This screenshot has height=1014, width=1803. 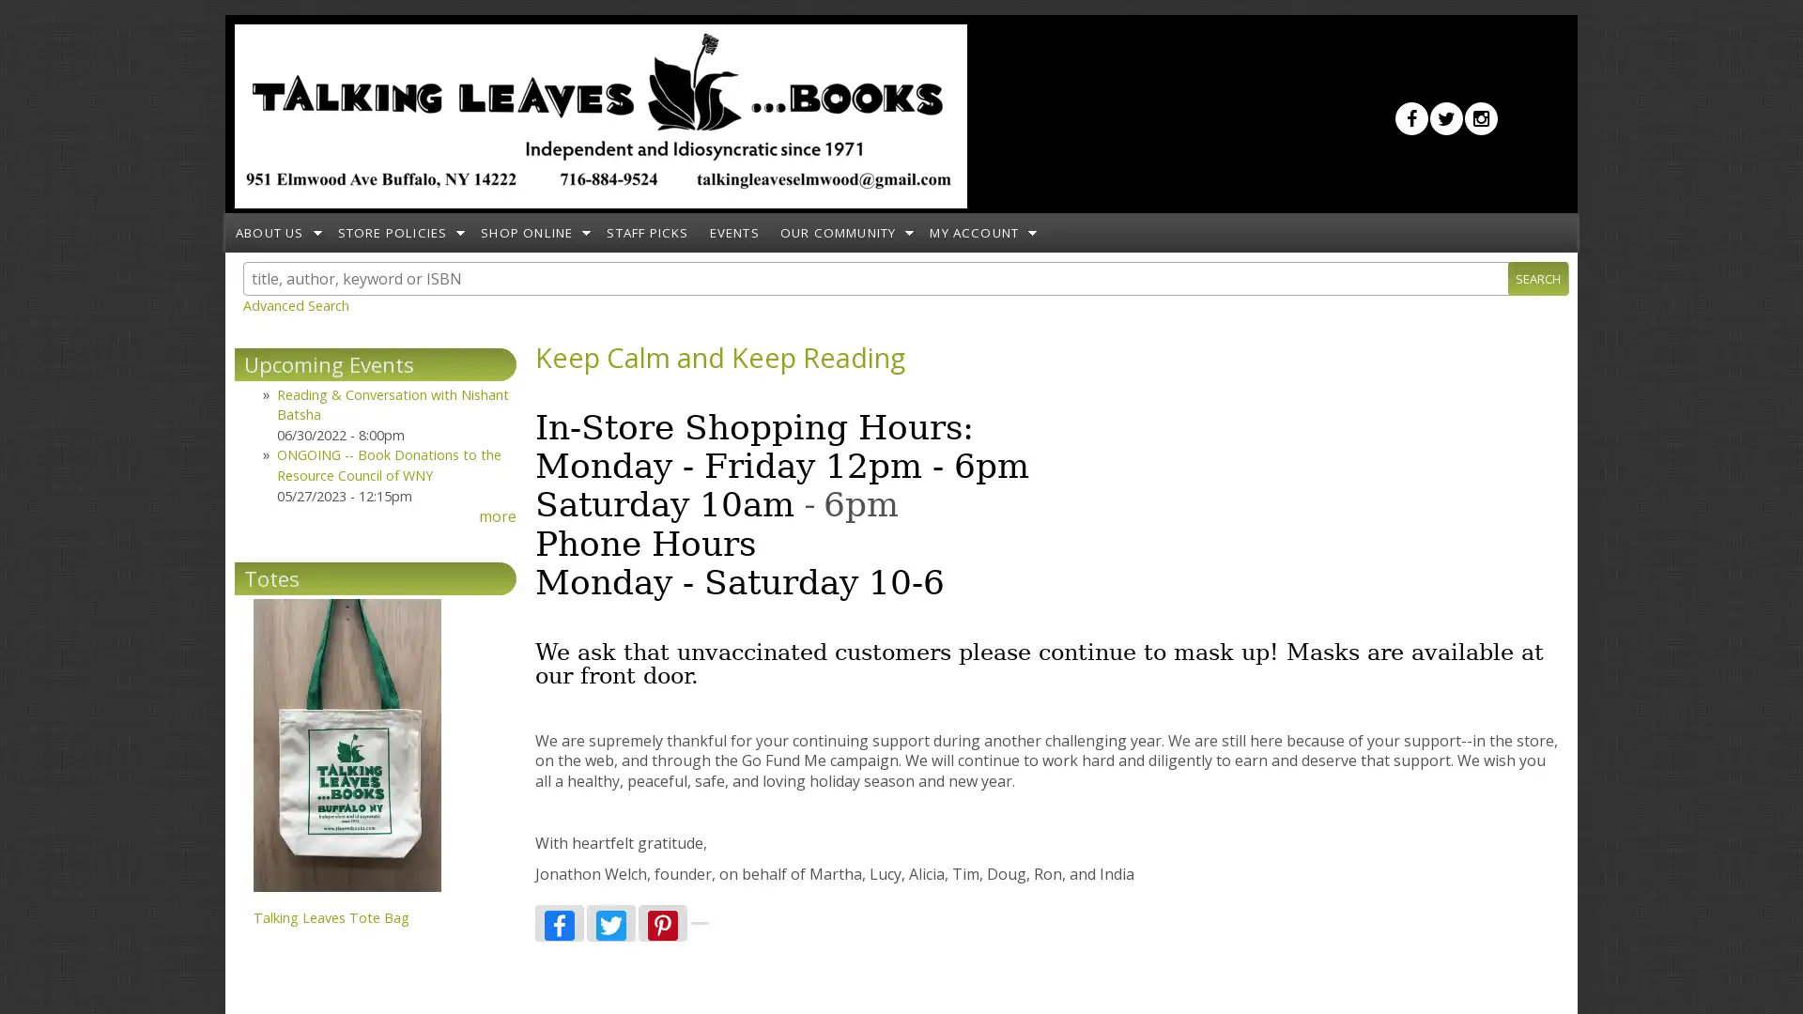 I want to click on Search, so click(x=1537, y=238).